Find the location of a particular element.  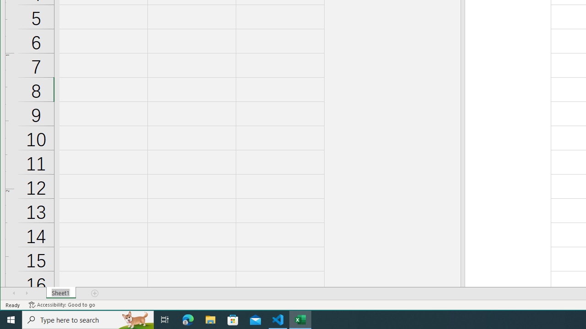

'Microsoft Edge' is located at coordinates (188, 319).